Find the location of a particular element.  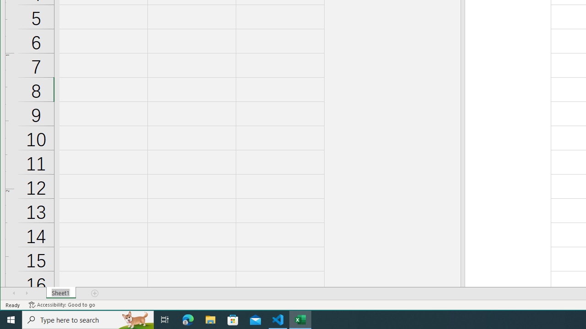

'Microsoft Edge' is located at coordinates (188, 319).